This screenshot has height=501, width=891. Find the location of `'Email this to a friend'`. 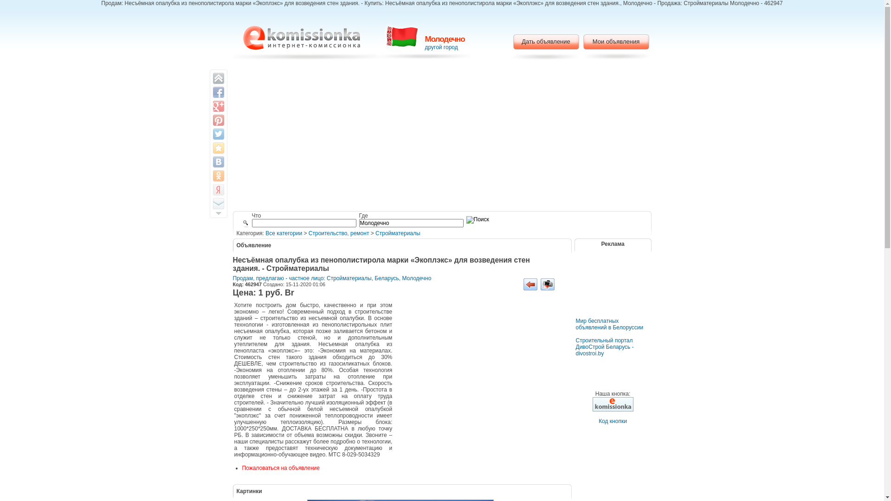

'Email this to a friend' is located at coordinates (212, 203).